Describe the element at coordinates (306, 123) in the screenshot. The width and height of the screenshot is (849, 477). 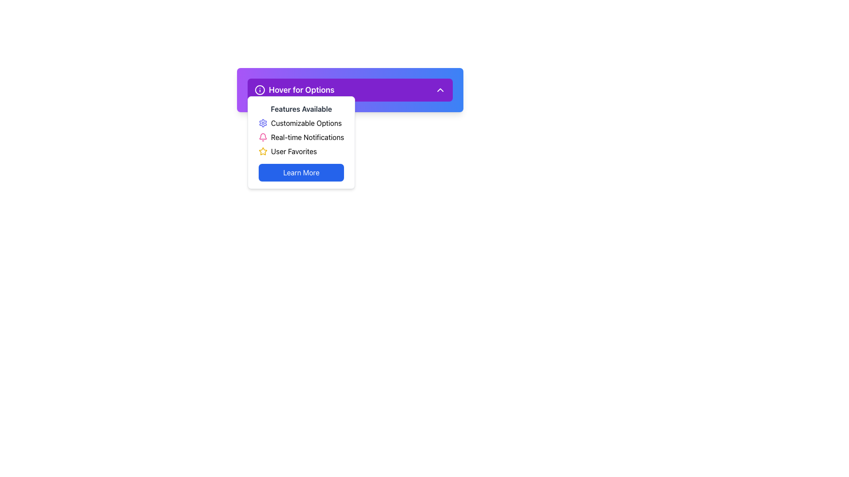
I see `the second item in the dropdown list labeled 'Features Available'` at that location.